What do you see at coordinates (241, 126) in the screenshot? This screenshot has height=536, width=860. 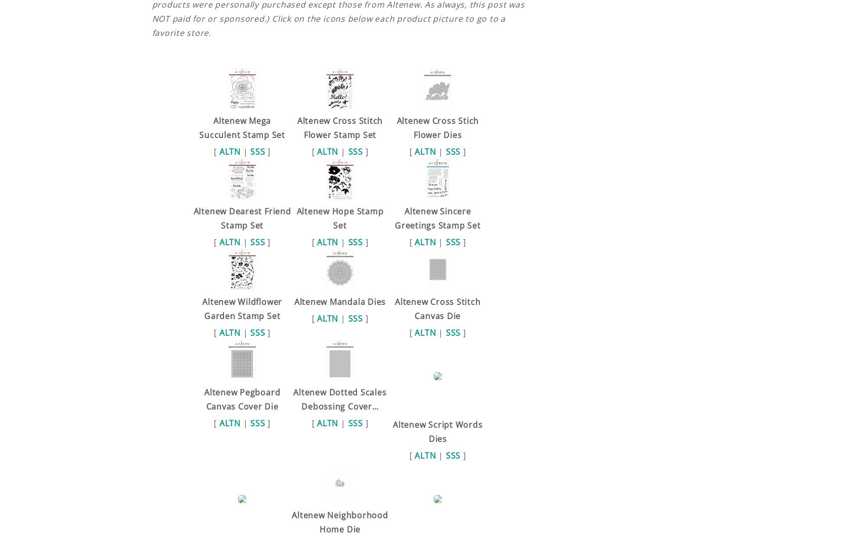 I see `'Altenew Mega Succulent Stamp Set'` at bounding box center [241, 126].